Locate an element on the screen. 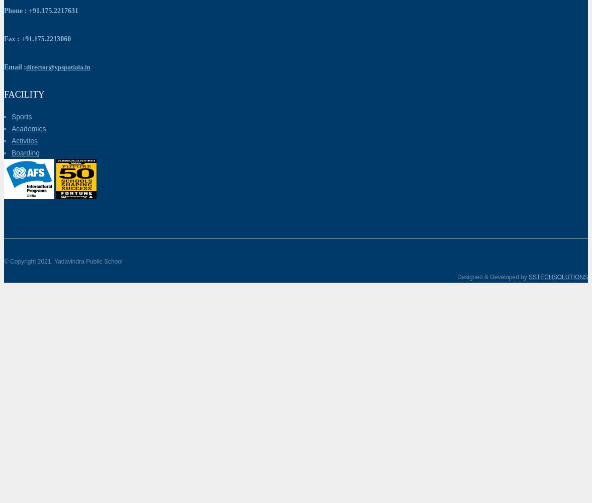 The width and height of the screenshot is (592, 503). 'Fax : +91.175.2213060' is located at coordinates (37, 38).